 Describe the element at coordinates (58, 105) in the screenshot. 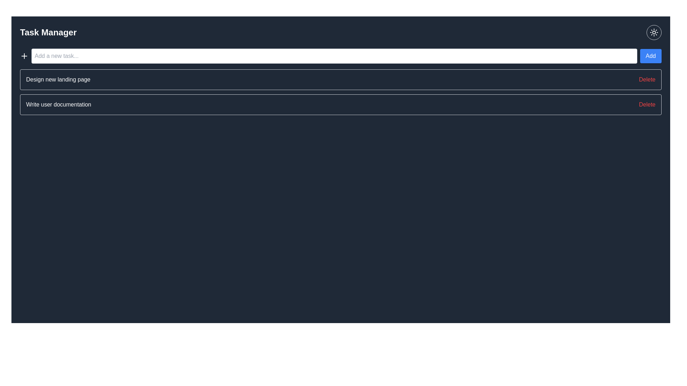

I see `the text label displaying 'Write user documentation' which is part of the task list, positioned to the left of the red 'Delete' button` at that location.